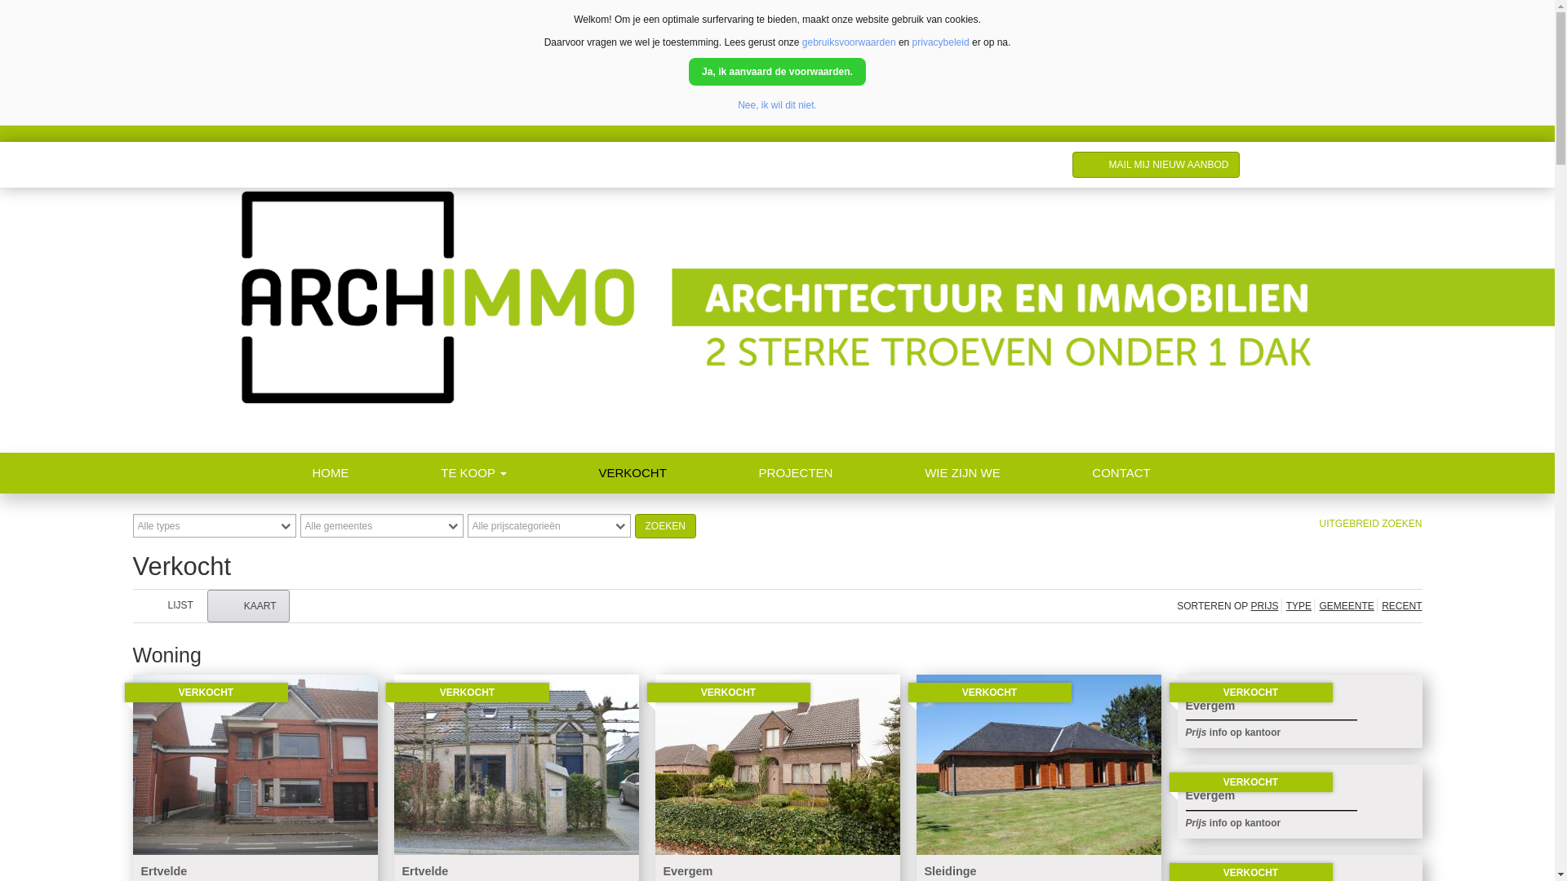 The height and width of the screenshot is (881, 1567). What do you see at coordinates (758, 472) in the screenshot?
I see `'PROJECTEN'` at bounding box center [758, 472].